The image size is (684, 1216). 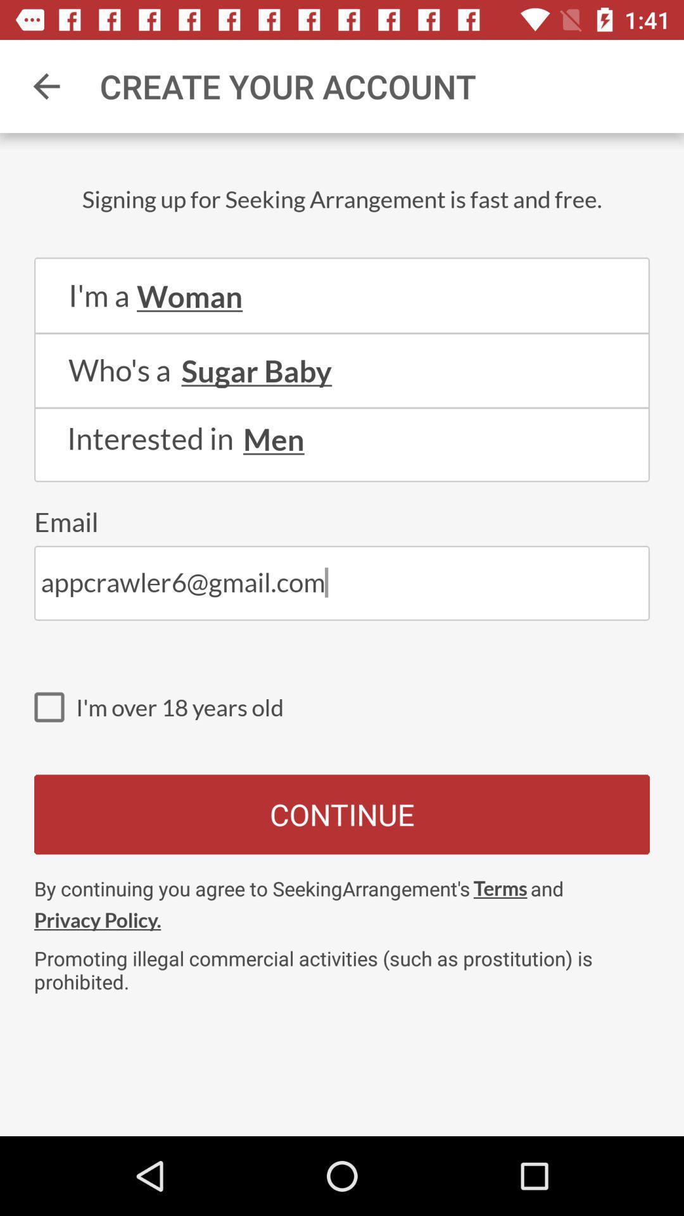 What do you see at coordinates (252, 887) in the screenshot?
I see `the by continuing you` at bounding box center [252, 887].